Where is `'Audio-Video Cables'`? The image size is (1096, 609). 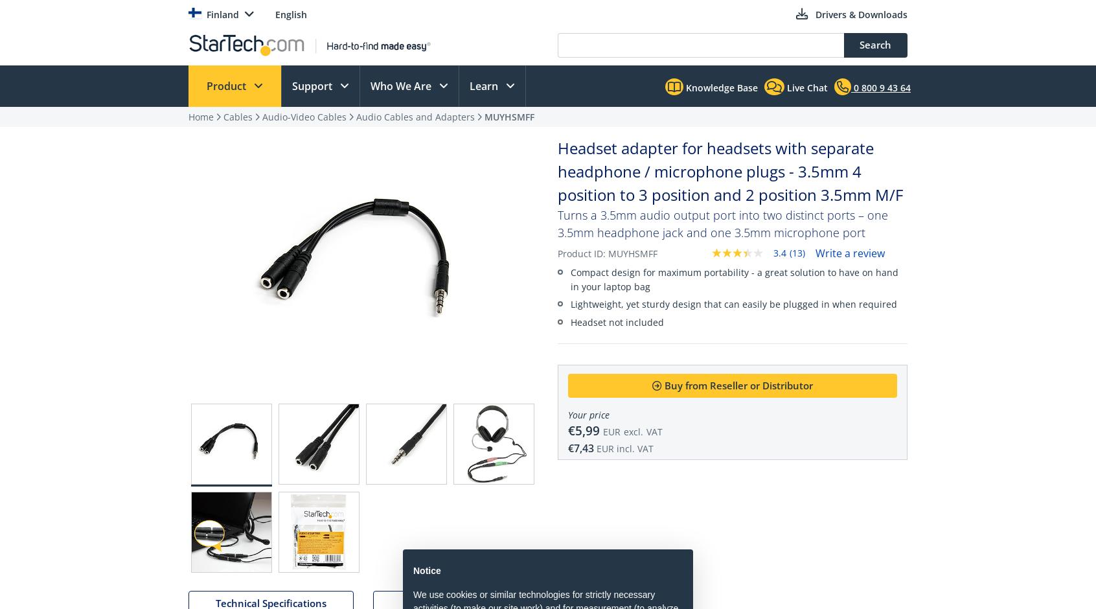 'Audio-Video Cables' is located at coordinates (304, 117).